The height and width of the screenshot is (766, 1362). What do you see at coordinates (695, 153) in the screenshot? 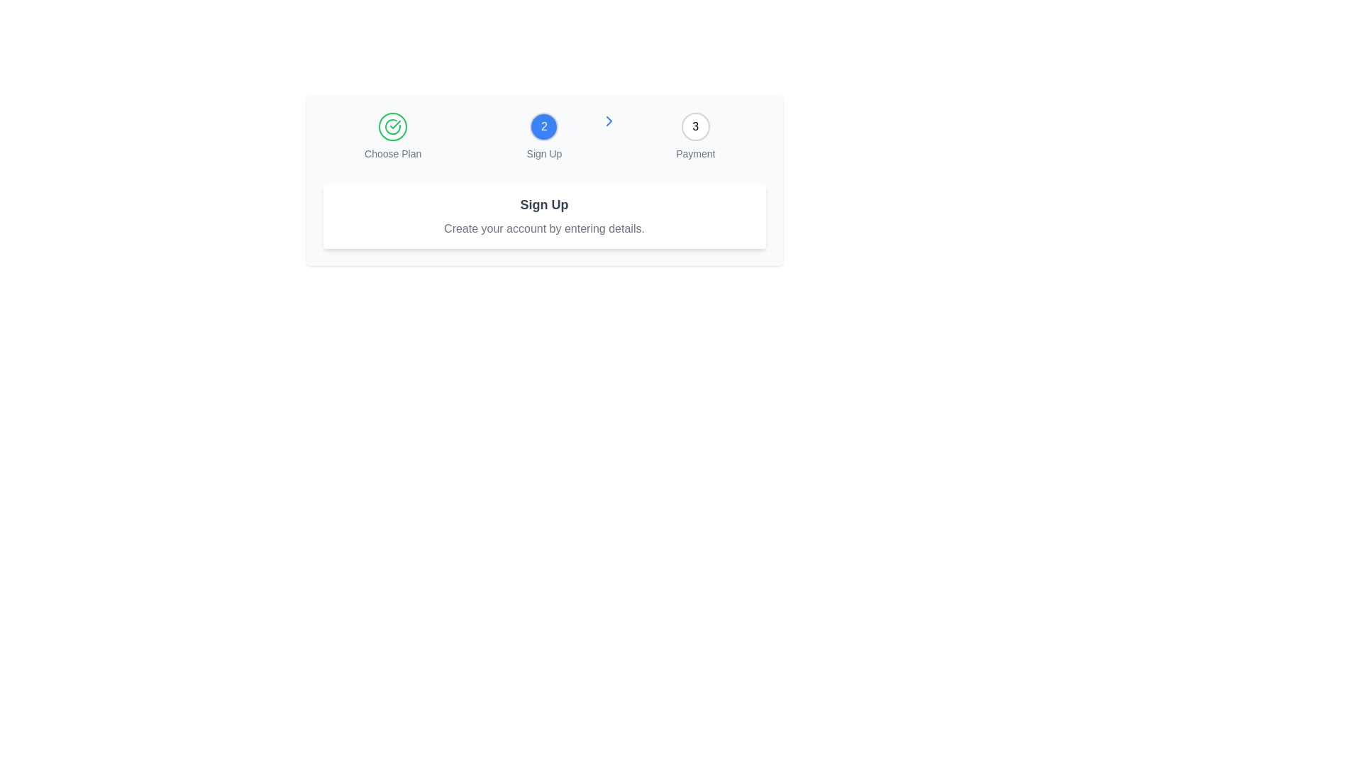
I see `the text label reading 'Payment', which is styled with a small font and gray color, positioned below the circular number icon labeled '3'` at bounding box center [695, 153].